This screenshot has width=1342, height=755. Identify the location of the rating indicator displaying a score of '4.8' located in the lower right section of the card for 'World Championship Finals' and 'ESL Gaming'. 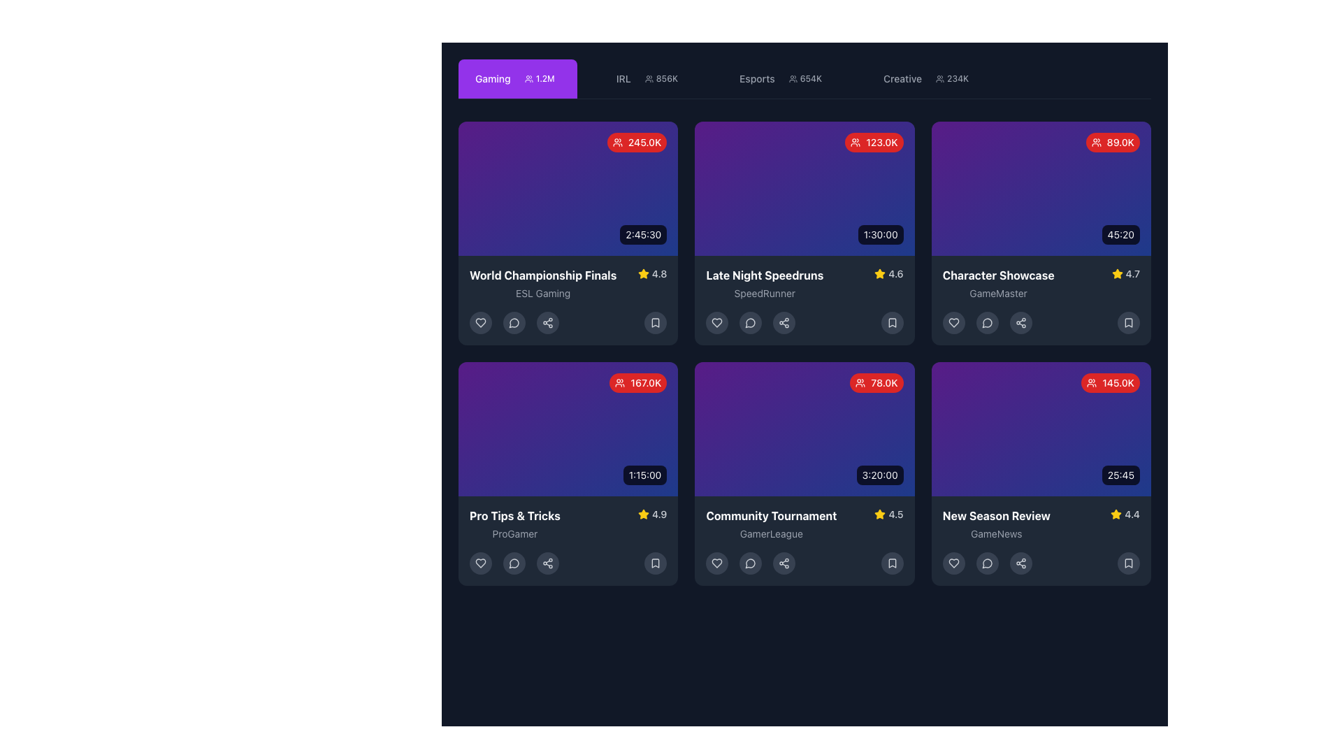
(651, 274).